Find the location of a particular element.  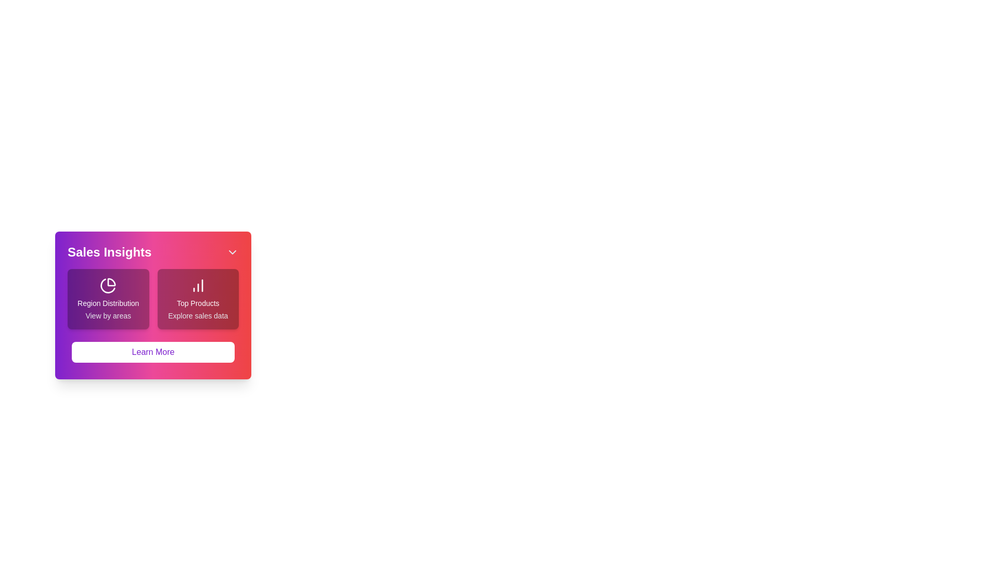

the Informational card in the top-right corner of the 'Sales Insights' section to view more data is located at coordinates (198, 299).